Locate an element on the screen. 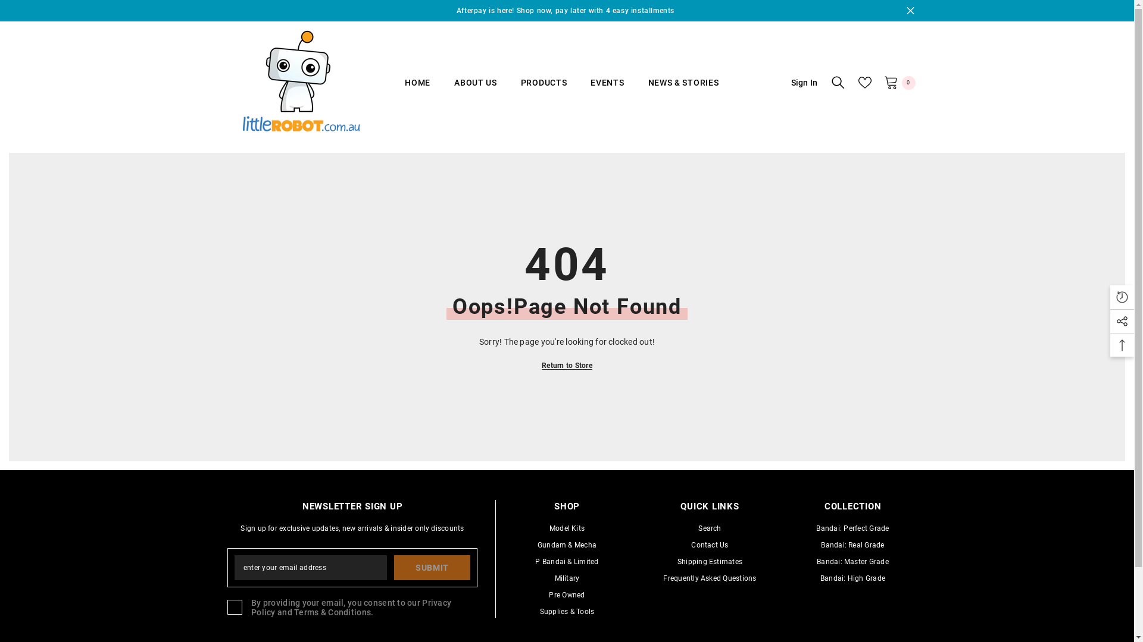 This screenshot has width=1143, height=642. 'Bandai: High Grade' is located at coordinates (852, 577).